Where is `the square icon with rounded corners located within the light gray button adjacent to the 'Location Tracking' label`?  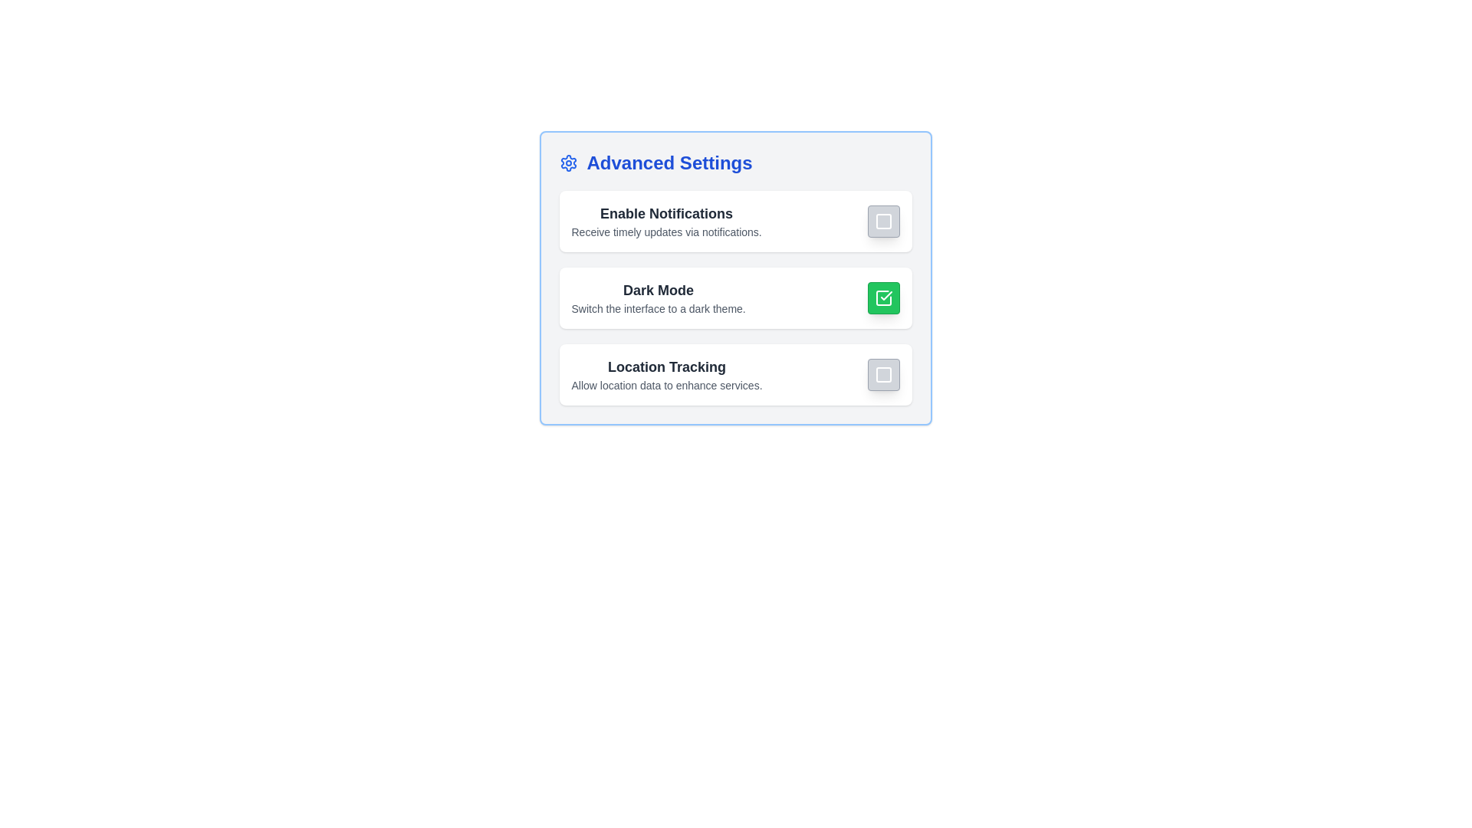
the square icon with rounded corners located within the light gray button adjacent to the 'Location Tracking' label is located at coordinates (883, 375).